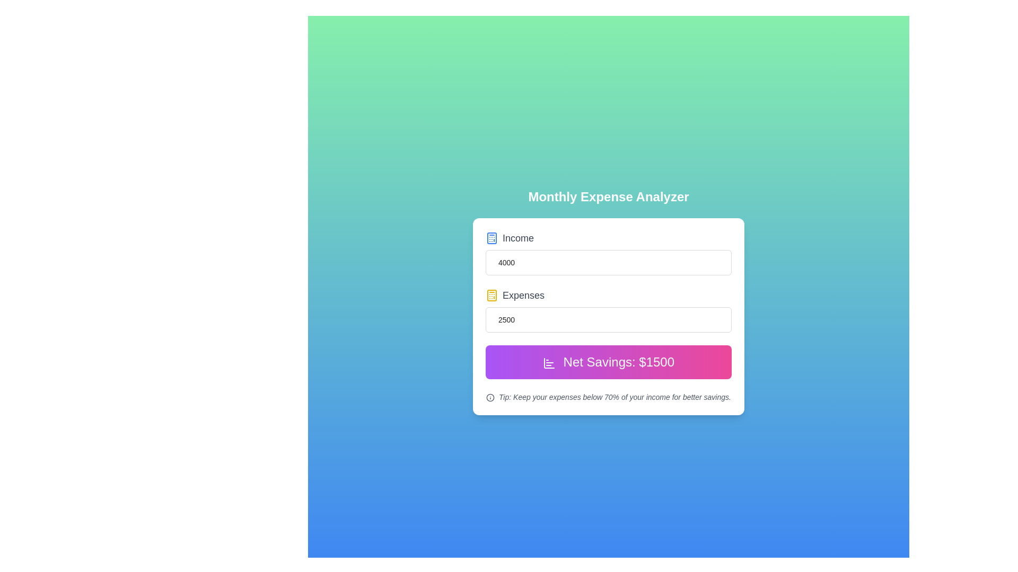  Describe the element at coordinates (491, 238) in the screenshot. I see `the SVG rectangle component that represents part of the calculator icon in the 'Monthly Expense Analyzer' interface, located to the left of the 'Income' text and input field` at that location.